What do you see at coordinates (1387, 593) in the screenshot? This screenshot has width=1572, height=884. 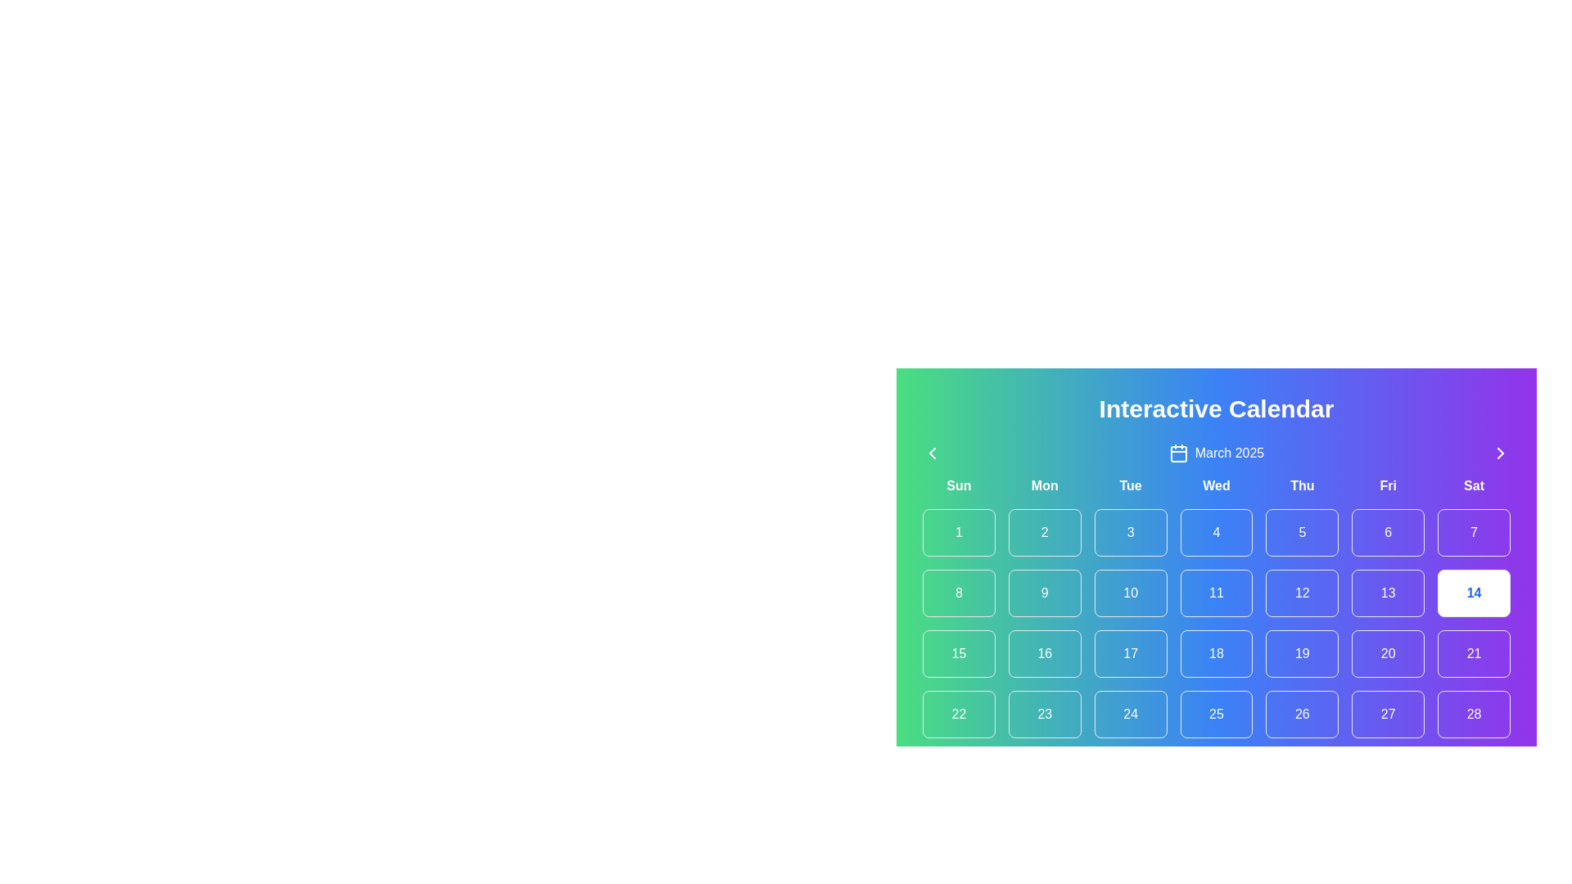 I see `Calendar day cell displaying the number '13' with white text on a gradient blue-purple background, positioned in the third row under Friday, between the cells for '12' and '14', using developer tools` at bounding box center [1387, 593].